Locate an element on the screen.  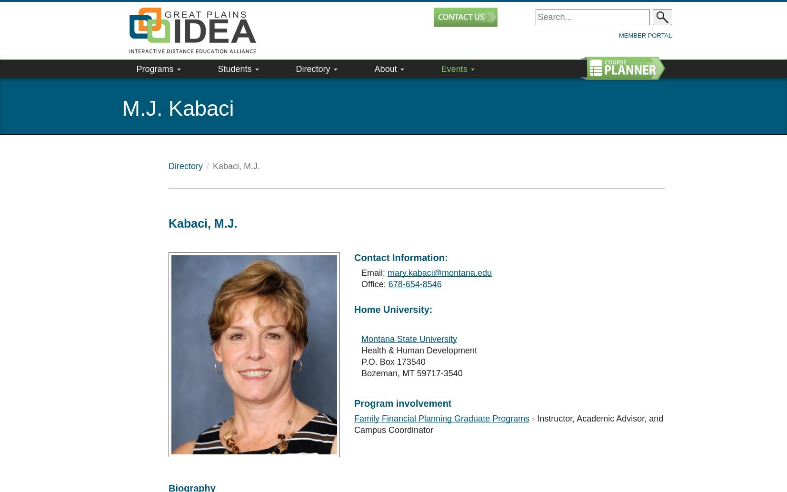
'Contact Information:' is located at coordinates (401, 235).